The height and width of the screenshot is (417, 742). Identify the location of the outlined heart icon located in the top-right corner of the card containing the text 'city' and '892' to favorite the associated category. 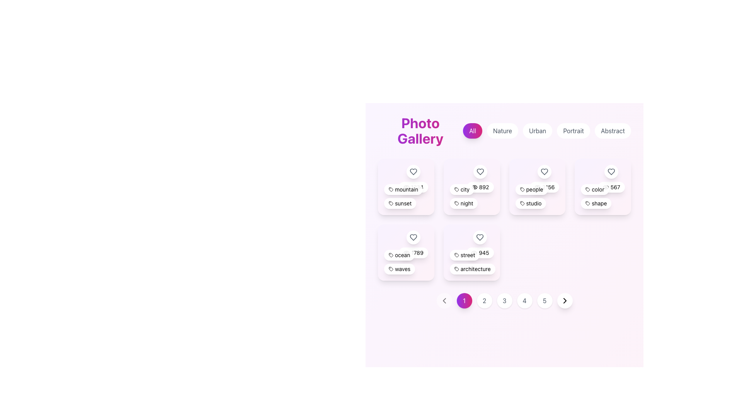
(480, 171).